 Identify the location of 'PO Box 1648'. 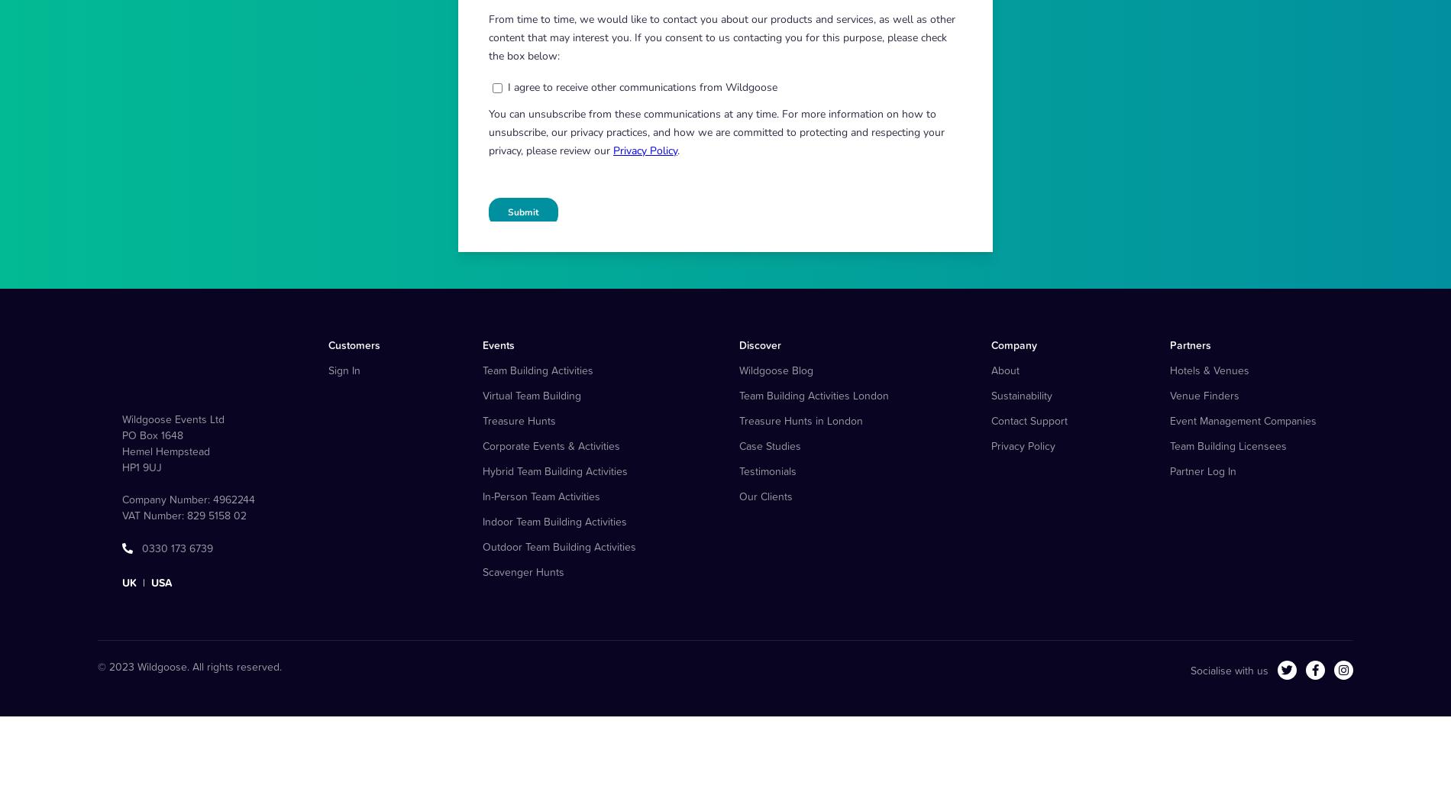
(153, 509).